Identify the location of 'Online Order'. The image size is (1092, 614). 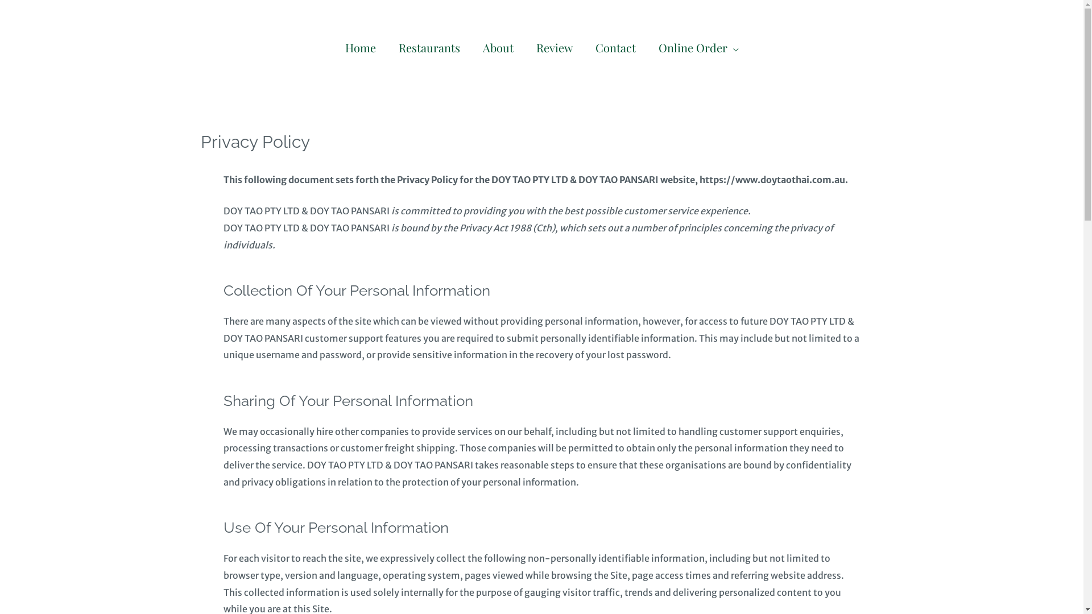
(698, 46).